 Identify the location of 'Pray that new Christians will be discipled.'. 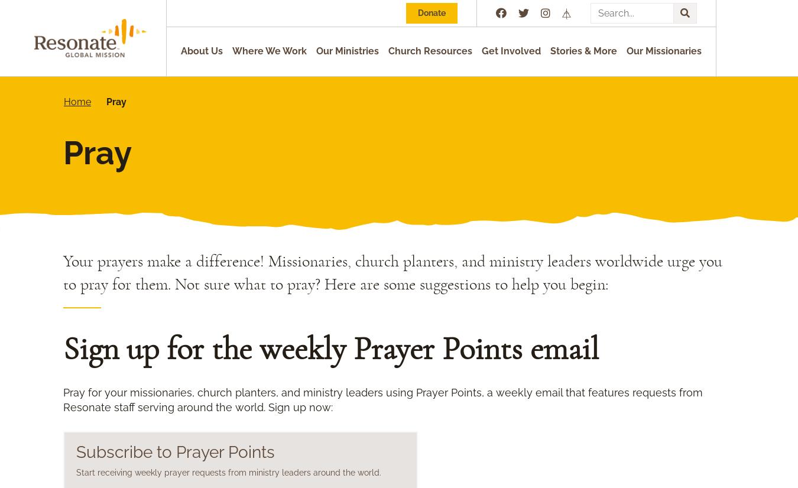
(200, 397).